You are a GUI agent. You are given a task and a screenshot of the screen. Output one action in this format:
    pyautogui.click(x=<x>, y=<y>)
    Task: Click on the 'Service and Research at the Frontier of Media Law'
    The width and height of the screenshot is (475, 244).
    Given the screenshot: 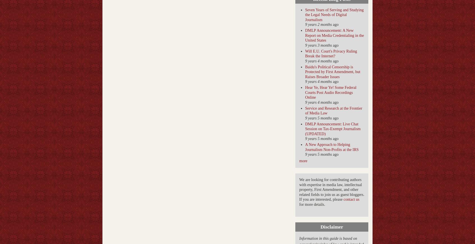 What is the action you would take?
    pyautogui.click(x=305, y=110)
    